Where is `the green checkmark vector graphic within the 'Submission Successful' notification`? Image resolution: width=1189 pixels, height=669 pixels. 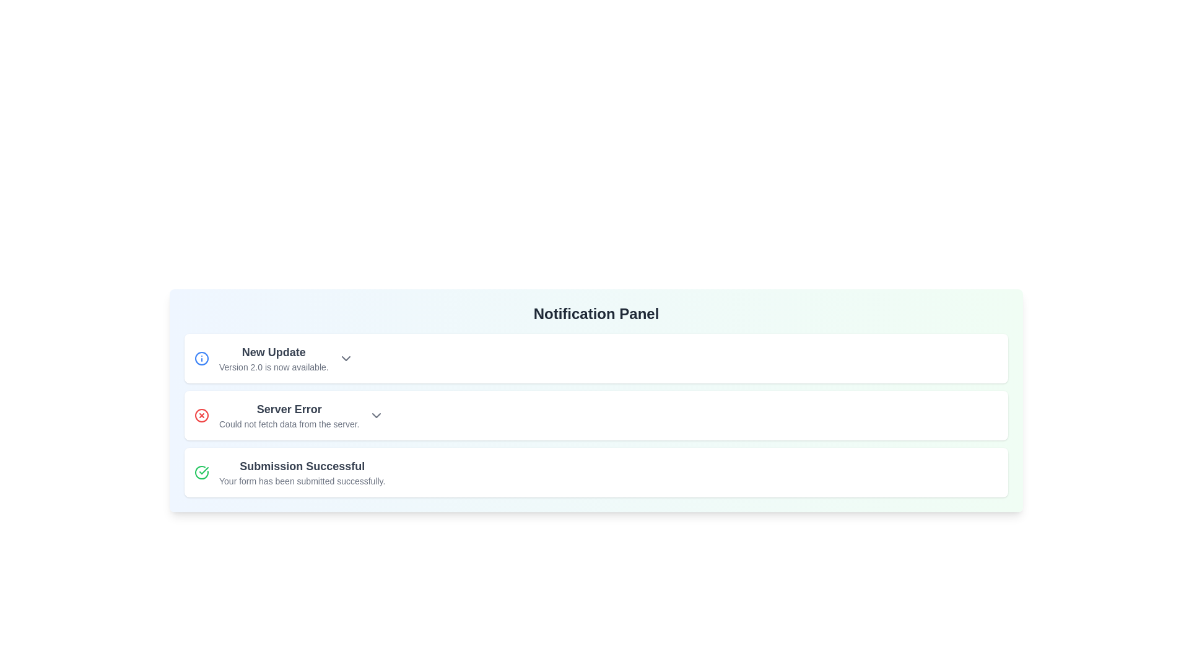
the green checkmark vector graphic within the 'Submission Successful' notification is located at coordinates (204, 470).